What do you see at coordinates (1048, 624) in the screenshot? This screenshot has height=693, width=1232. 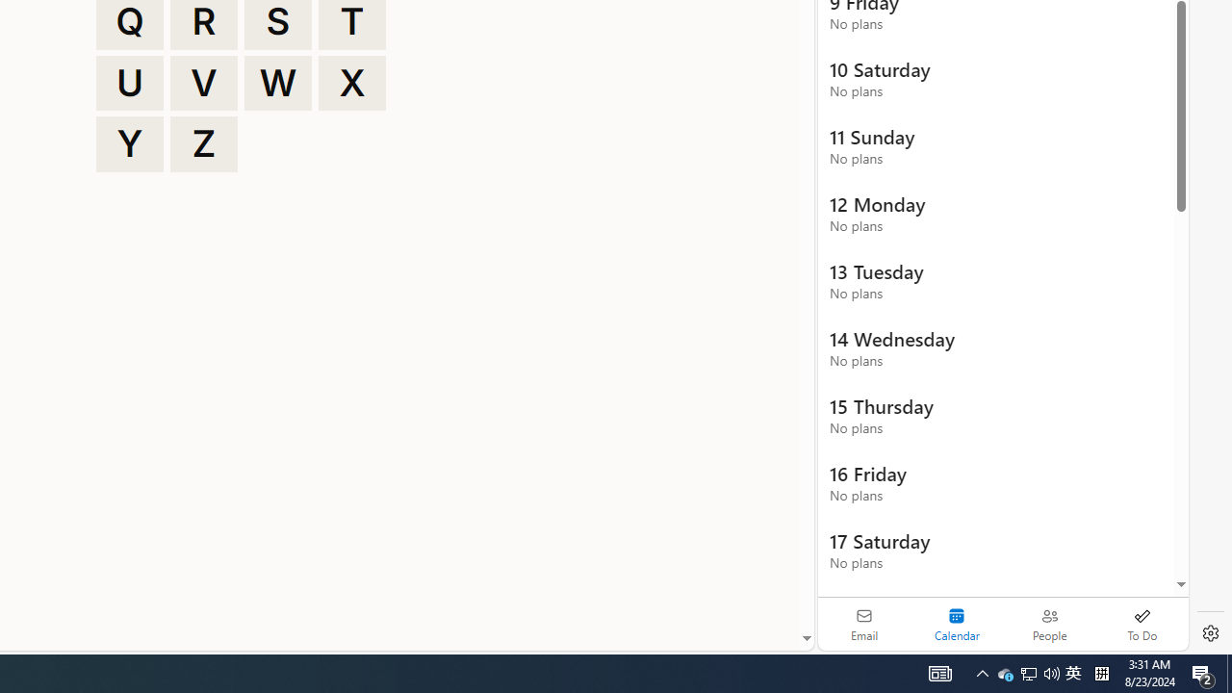 I see `'People'` at bounding box center [1048, 624].